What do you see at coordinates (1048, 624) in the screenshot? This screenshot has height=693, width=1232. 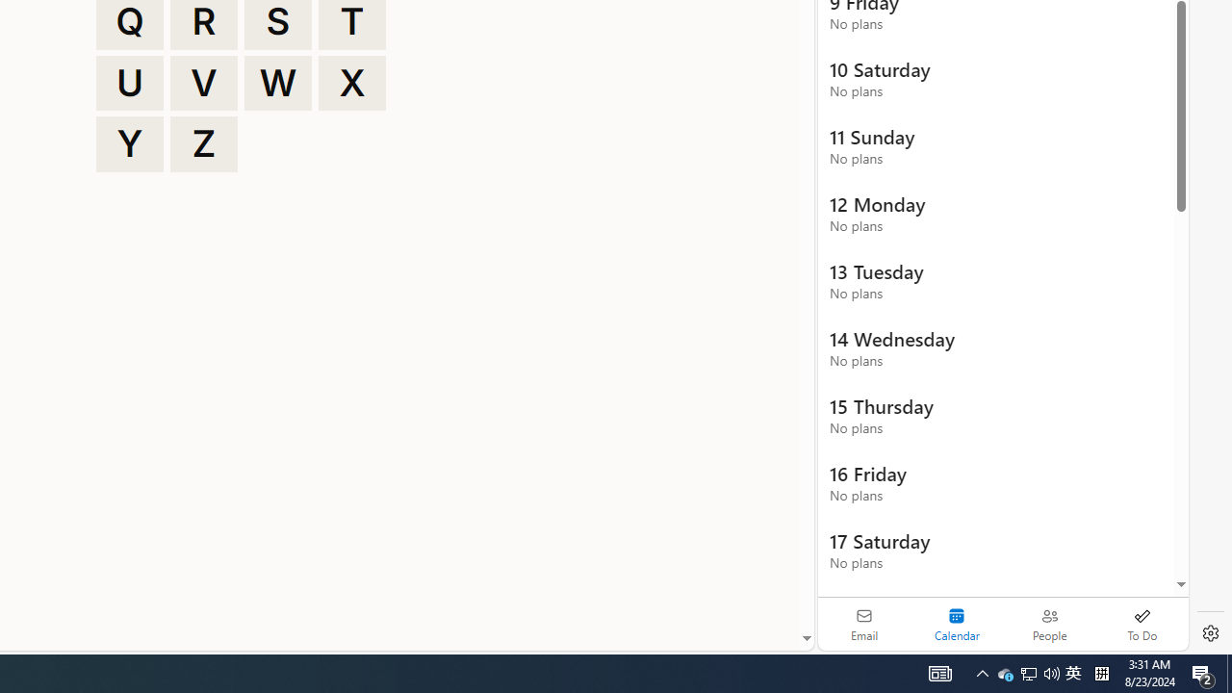 I see `'People'` at bounding box center [1048, 624].